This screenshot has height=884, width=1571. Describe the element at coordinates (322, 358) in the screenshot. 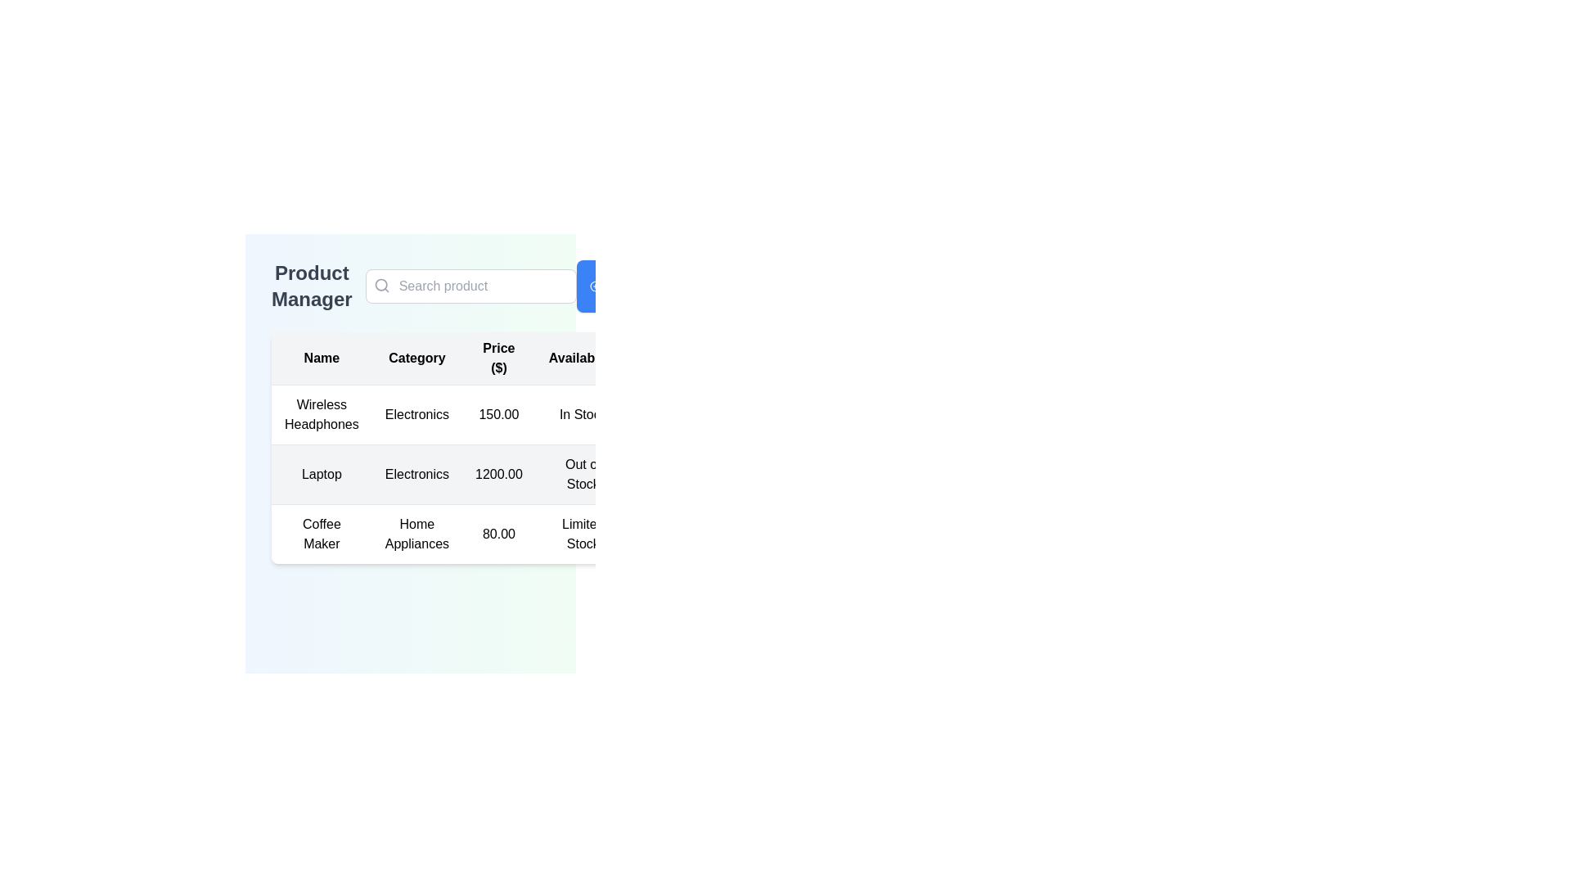

I see `text of the header label indicating the names column in the table, positioned at the top left corner of the header row` at that location.